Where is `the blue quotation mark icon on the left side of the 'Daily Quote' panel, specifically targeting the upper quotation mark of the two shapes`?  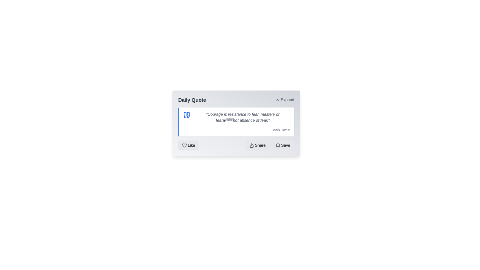 the blue quotation mark icon on the left side of the 'Daily Quote' panel, specifically targeting the upper quotation mark of the two shapes is located at coordinates (188, 115).